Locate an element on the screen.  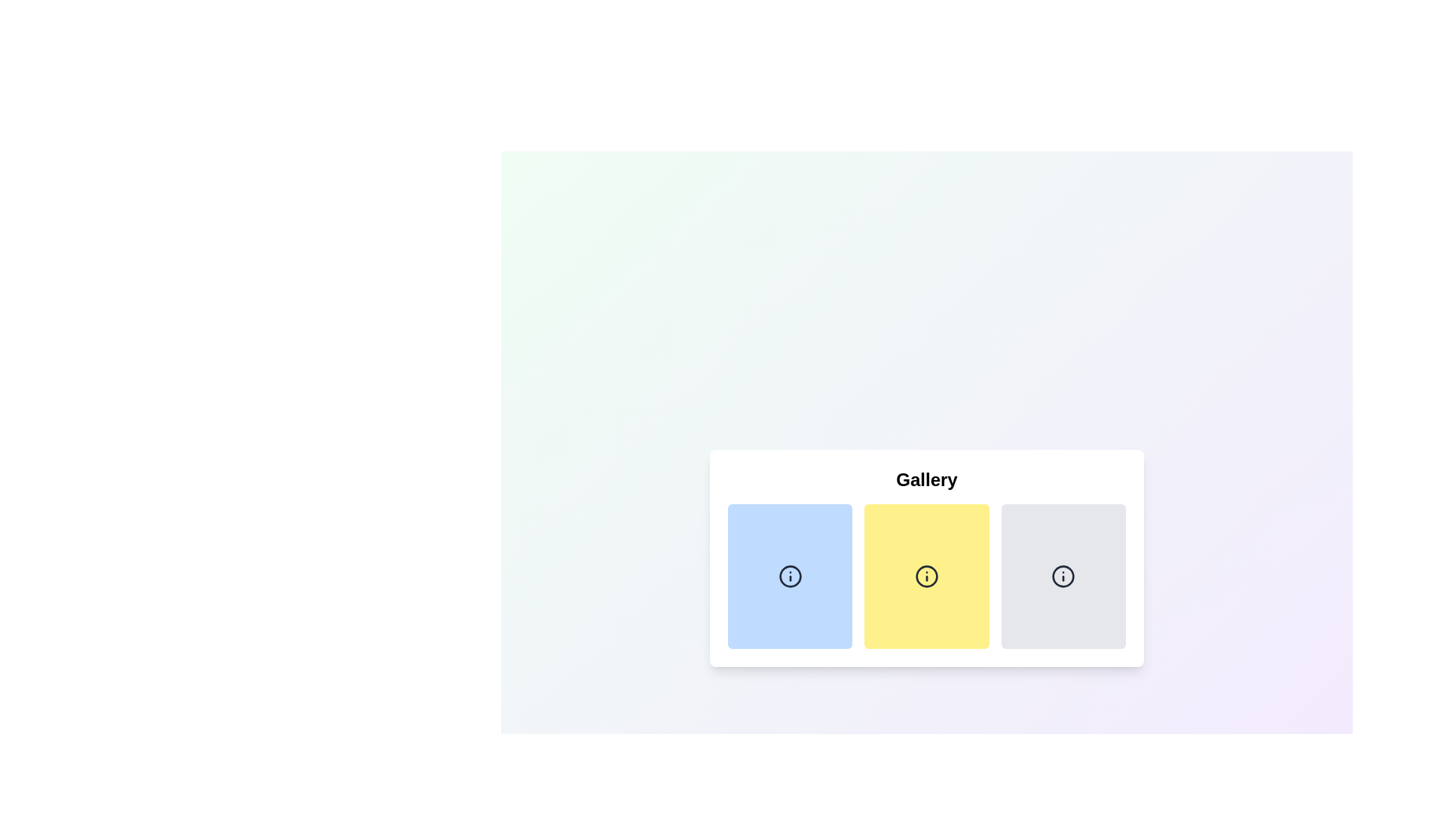
the circular graphical item in the SVG located inside the blue card in the gallery section, which is the first card from left to right among three cards is located at coordinates (789, 576).